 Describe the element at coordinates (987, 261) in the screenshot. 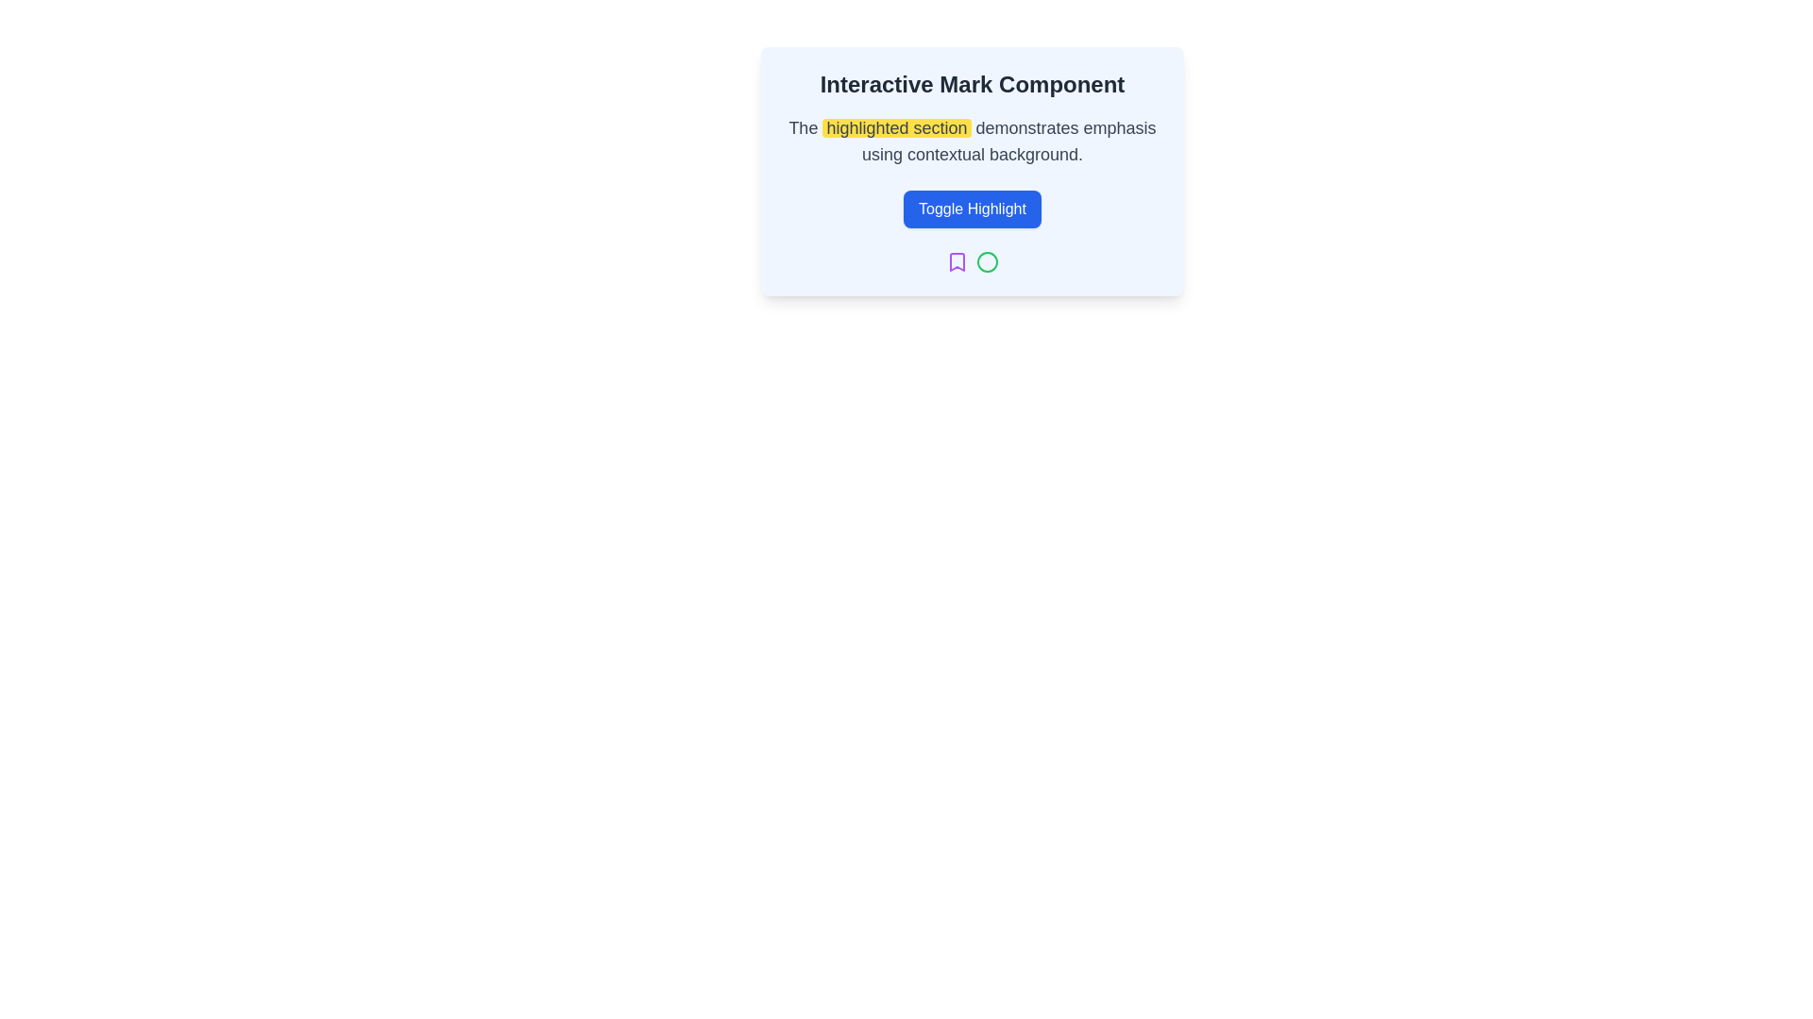

I see `the second icon from the right, a green circular icon` at that location.